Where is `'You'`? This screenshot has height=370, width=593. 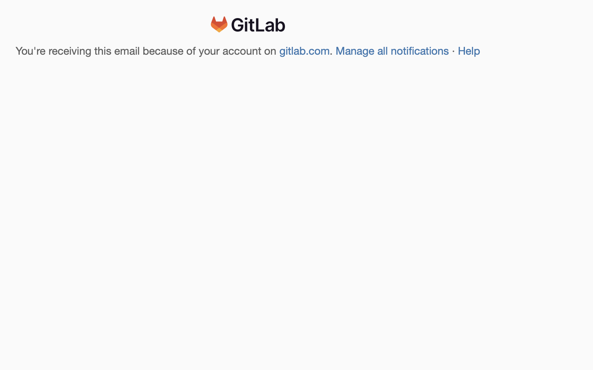 'You' is located at coordinates (147, 51).